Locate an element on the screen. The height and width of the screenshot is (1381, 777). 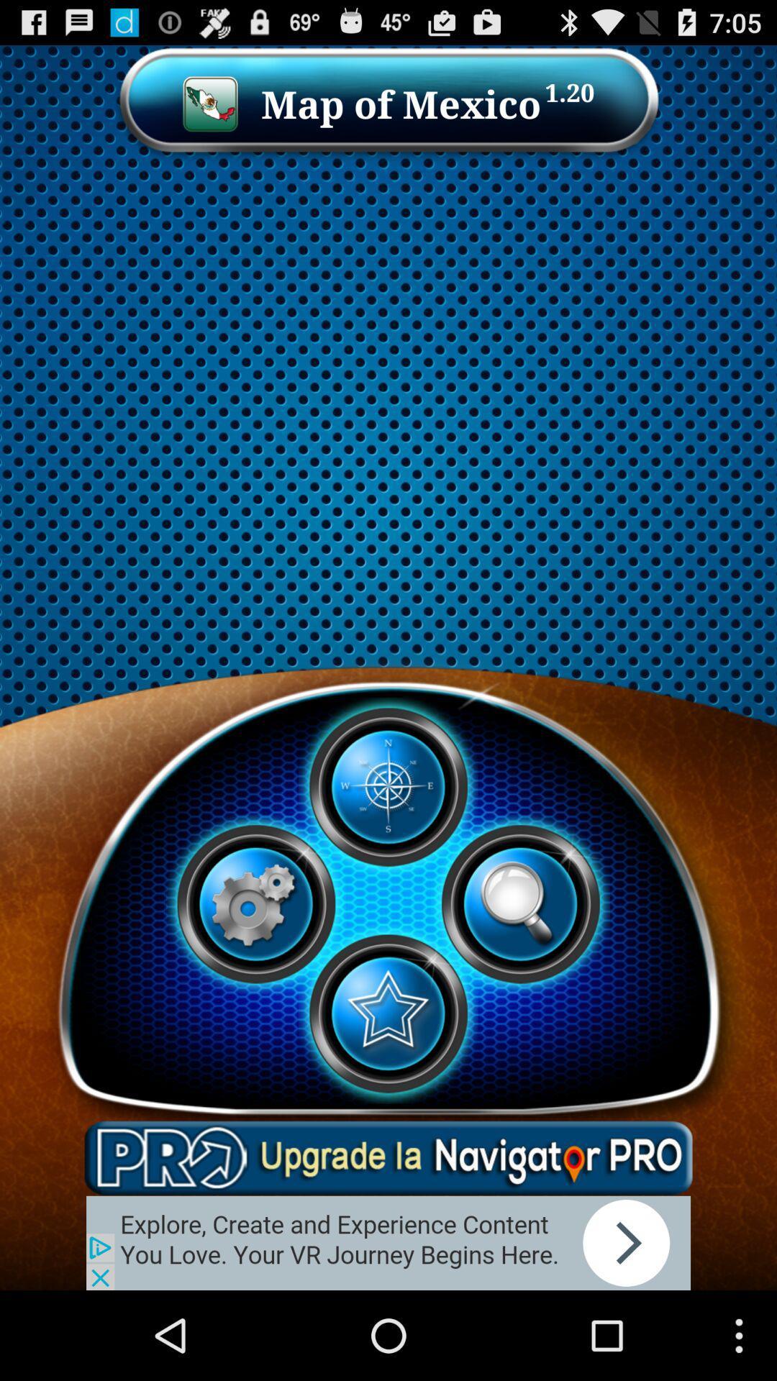
far add is located at coordinates (388, 1242).